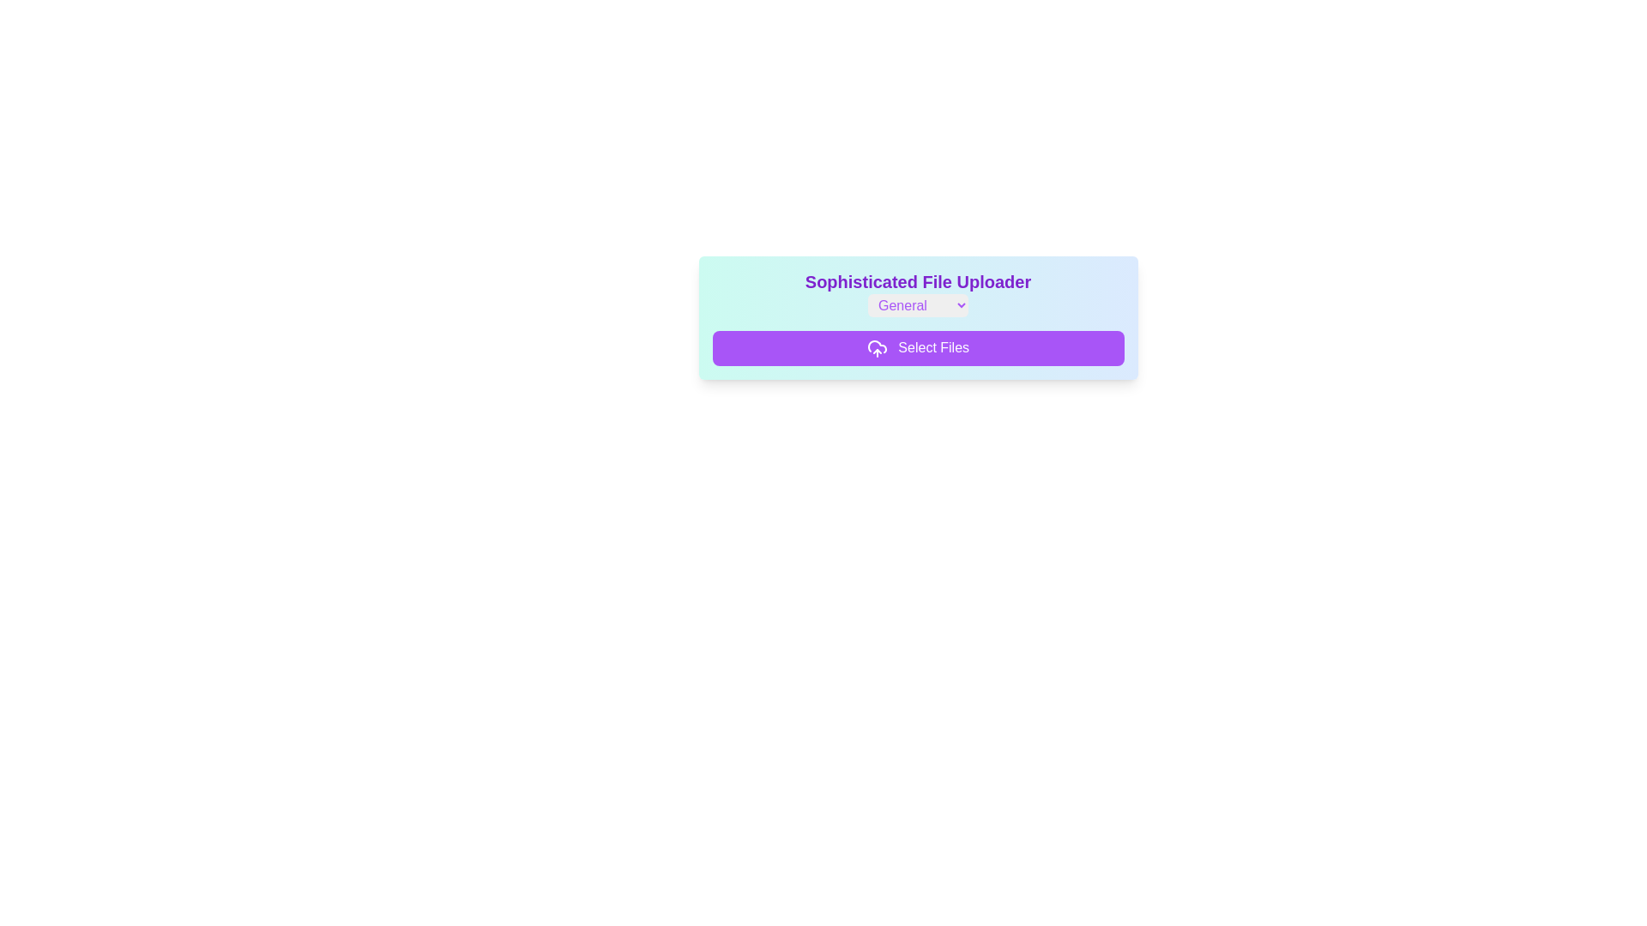  Describe the element at coordinates (917, 347) in the screenshot. I see `the 'Select Files' button, which has a purple background, white text, and a cloud upload icon` at that location.